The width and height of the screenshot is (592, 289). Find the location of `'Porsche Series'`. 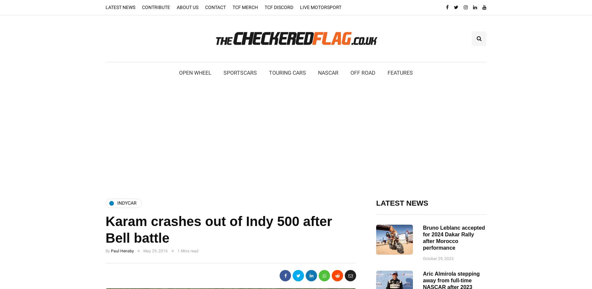

'Porsche Series' is located at coordinates (244, 128).